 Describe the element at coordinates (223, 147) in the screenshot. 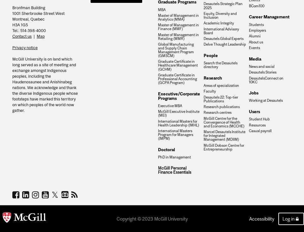

I see `'McGill Dobson Centre for Entrepreneurship'` at that location.